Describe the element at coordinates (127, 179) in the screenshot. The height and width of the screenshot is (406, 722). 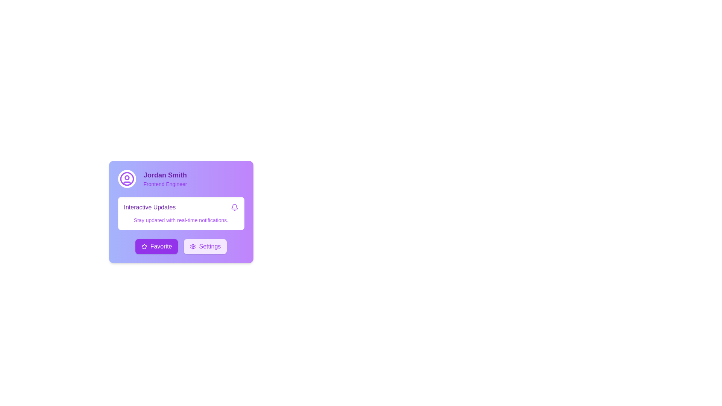
I see `the circular icon with a white background and a purple user profile graphic depicting a simplistic human avatar` at that location.